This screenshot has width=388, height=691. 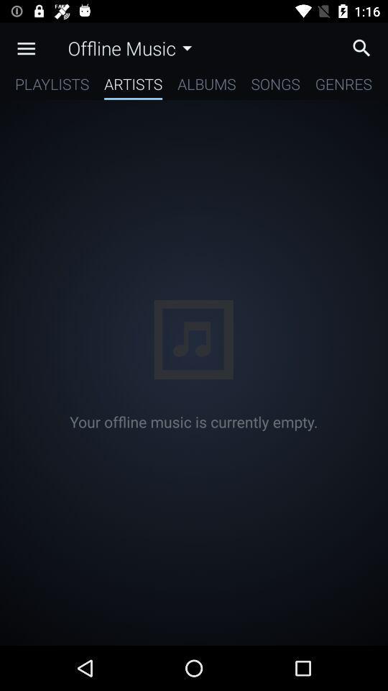 I want to click on the item to the left of the offline music, so click(x=26, y=48).